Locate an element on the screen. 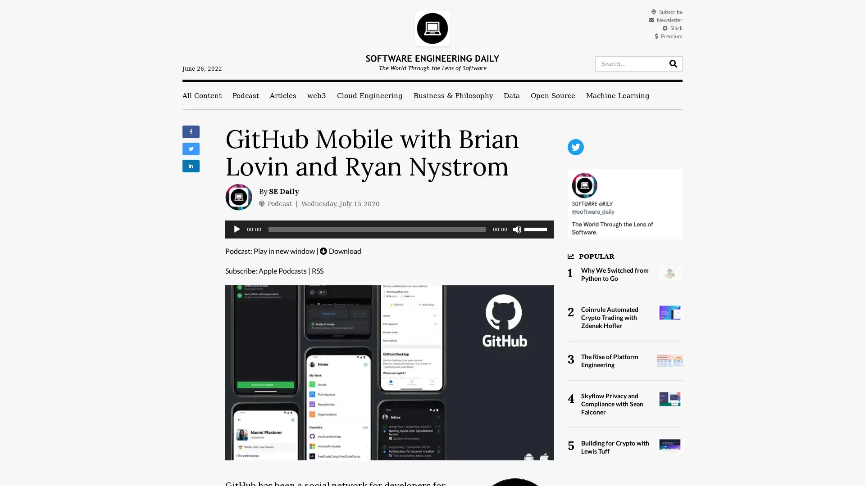 This screenshot has height=486, width=865. Mute is located at coordinates (517, 229).